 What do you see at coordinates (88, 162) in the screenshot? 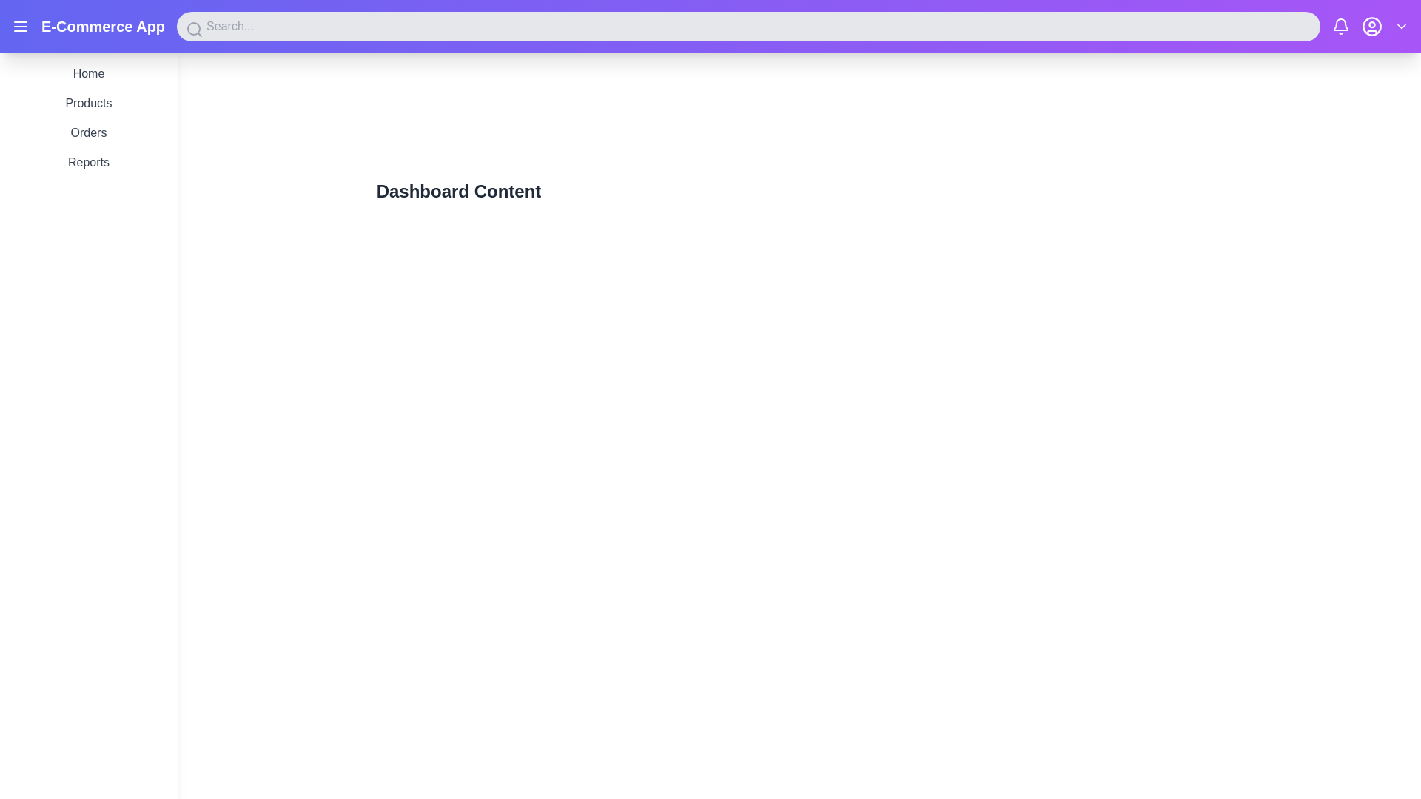
I see `the 'Reports' text link in the vertical navigation menu to observe the color change from gray to purple` at bounding box center [88, 162].